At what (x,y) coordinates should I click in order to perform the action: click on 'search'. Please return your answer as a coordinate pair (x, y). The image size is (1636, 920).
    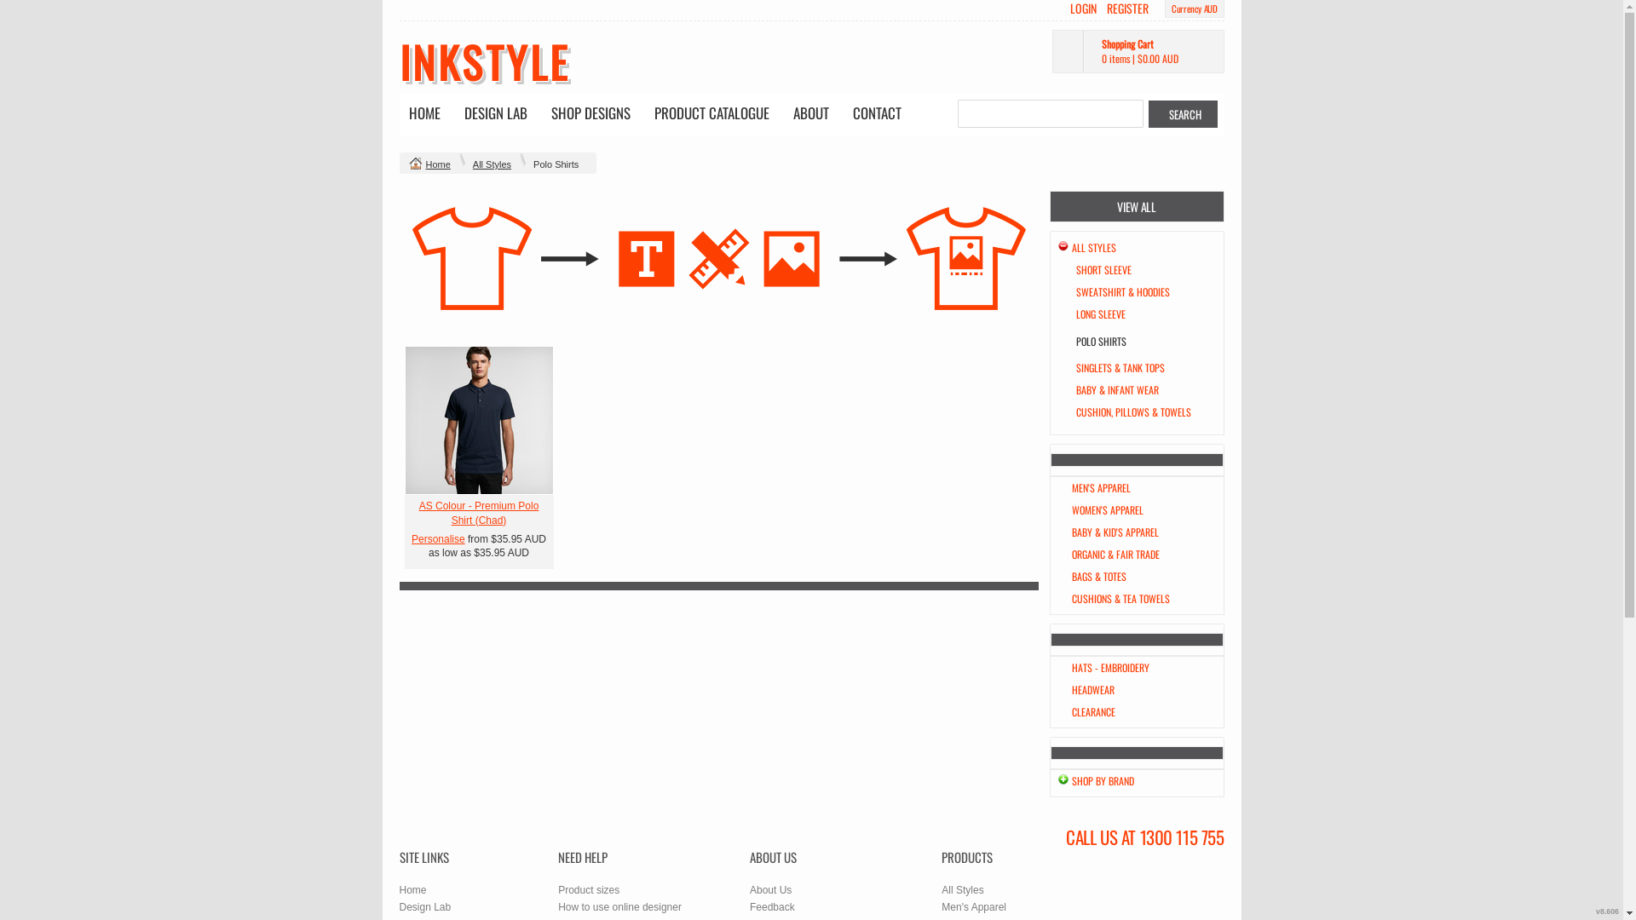
    Looking at the image, I should click on (1182, 114).